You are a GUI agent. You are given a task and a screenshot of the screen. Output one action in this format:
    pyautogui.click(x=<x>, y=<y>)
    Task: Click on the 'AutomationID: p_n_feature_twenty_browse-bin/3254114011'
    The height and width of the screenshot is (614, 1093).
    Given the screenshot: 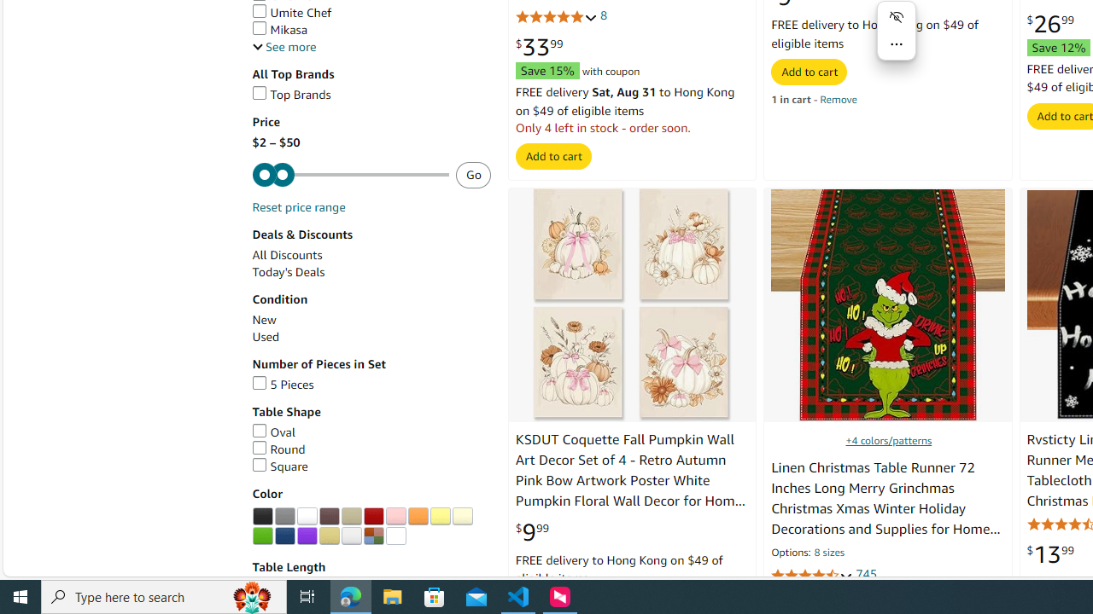 What is the action you would take?
    pyautogui.click(x=395, y=535)
    